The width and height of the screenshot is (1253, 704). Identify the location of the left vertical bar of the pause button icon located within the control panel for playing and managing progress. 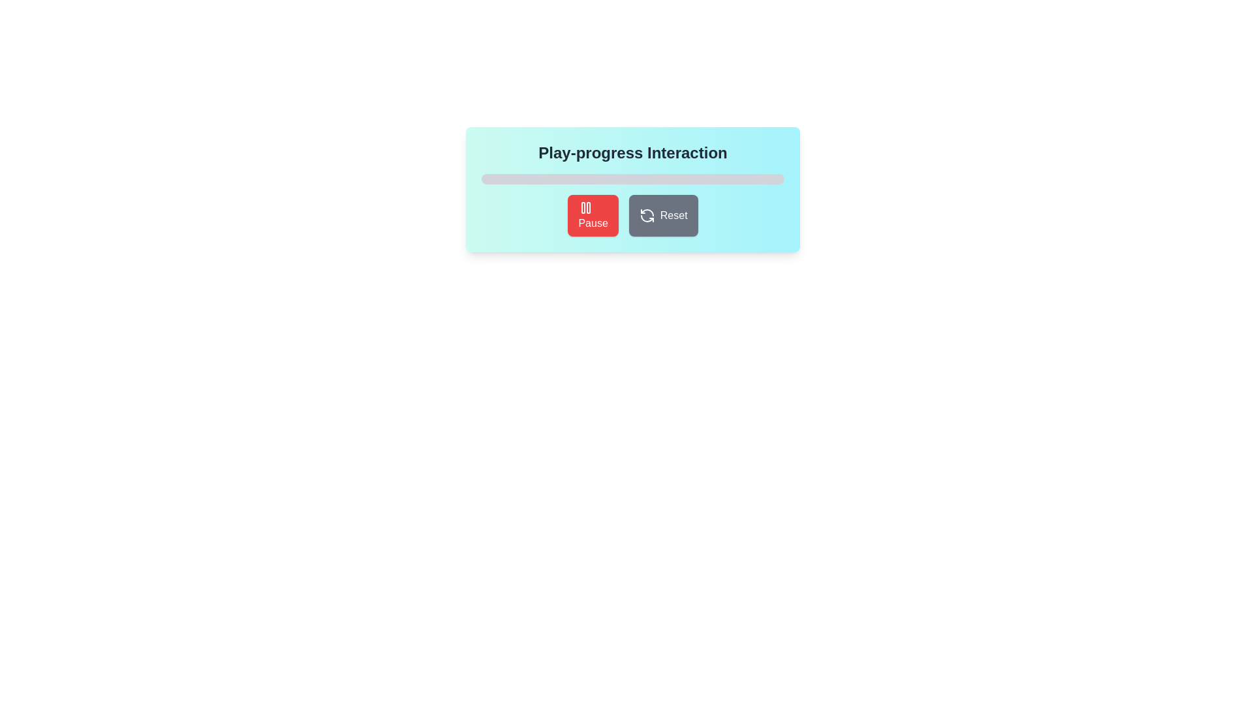
(583, 207).